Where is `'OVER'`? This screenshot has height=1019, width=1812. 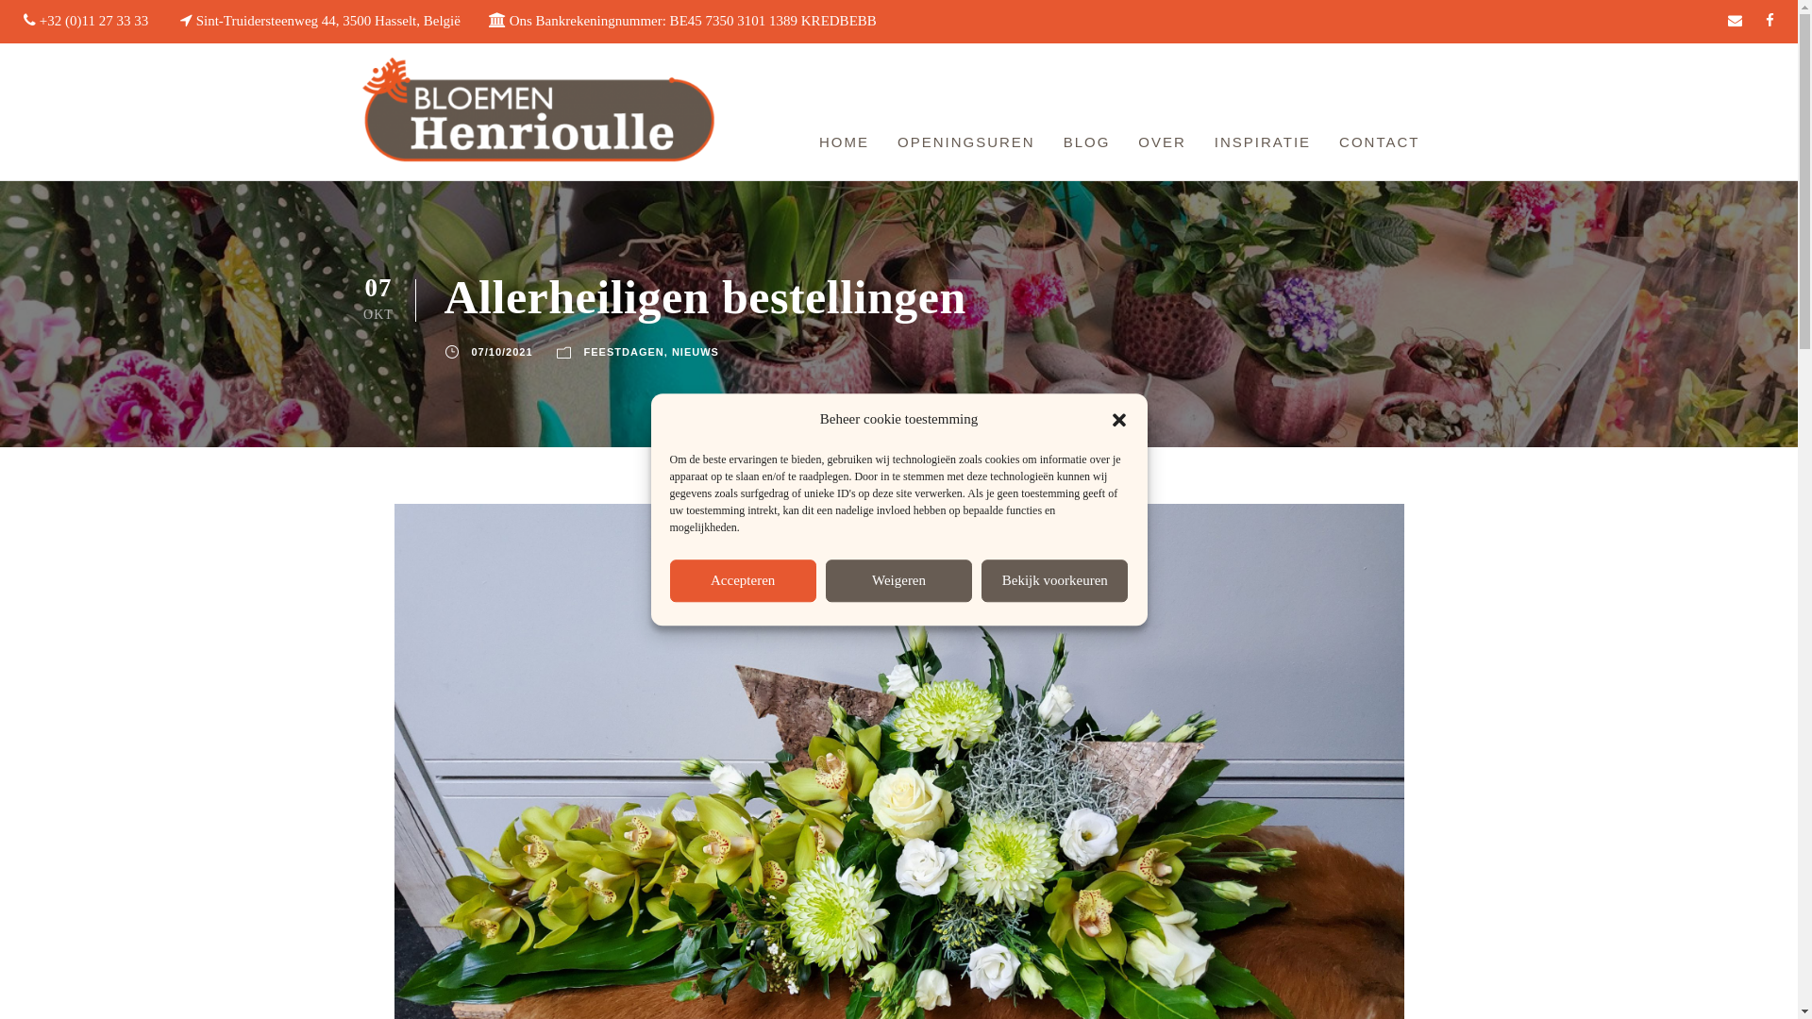 'OVER' is located at coordinates (1136, 144).